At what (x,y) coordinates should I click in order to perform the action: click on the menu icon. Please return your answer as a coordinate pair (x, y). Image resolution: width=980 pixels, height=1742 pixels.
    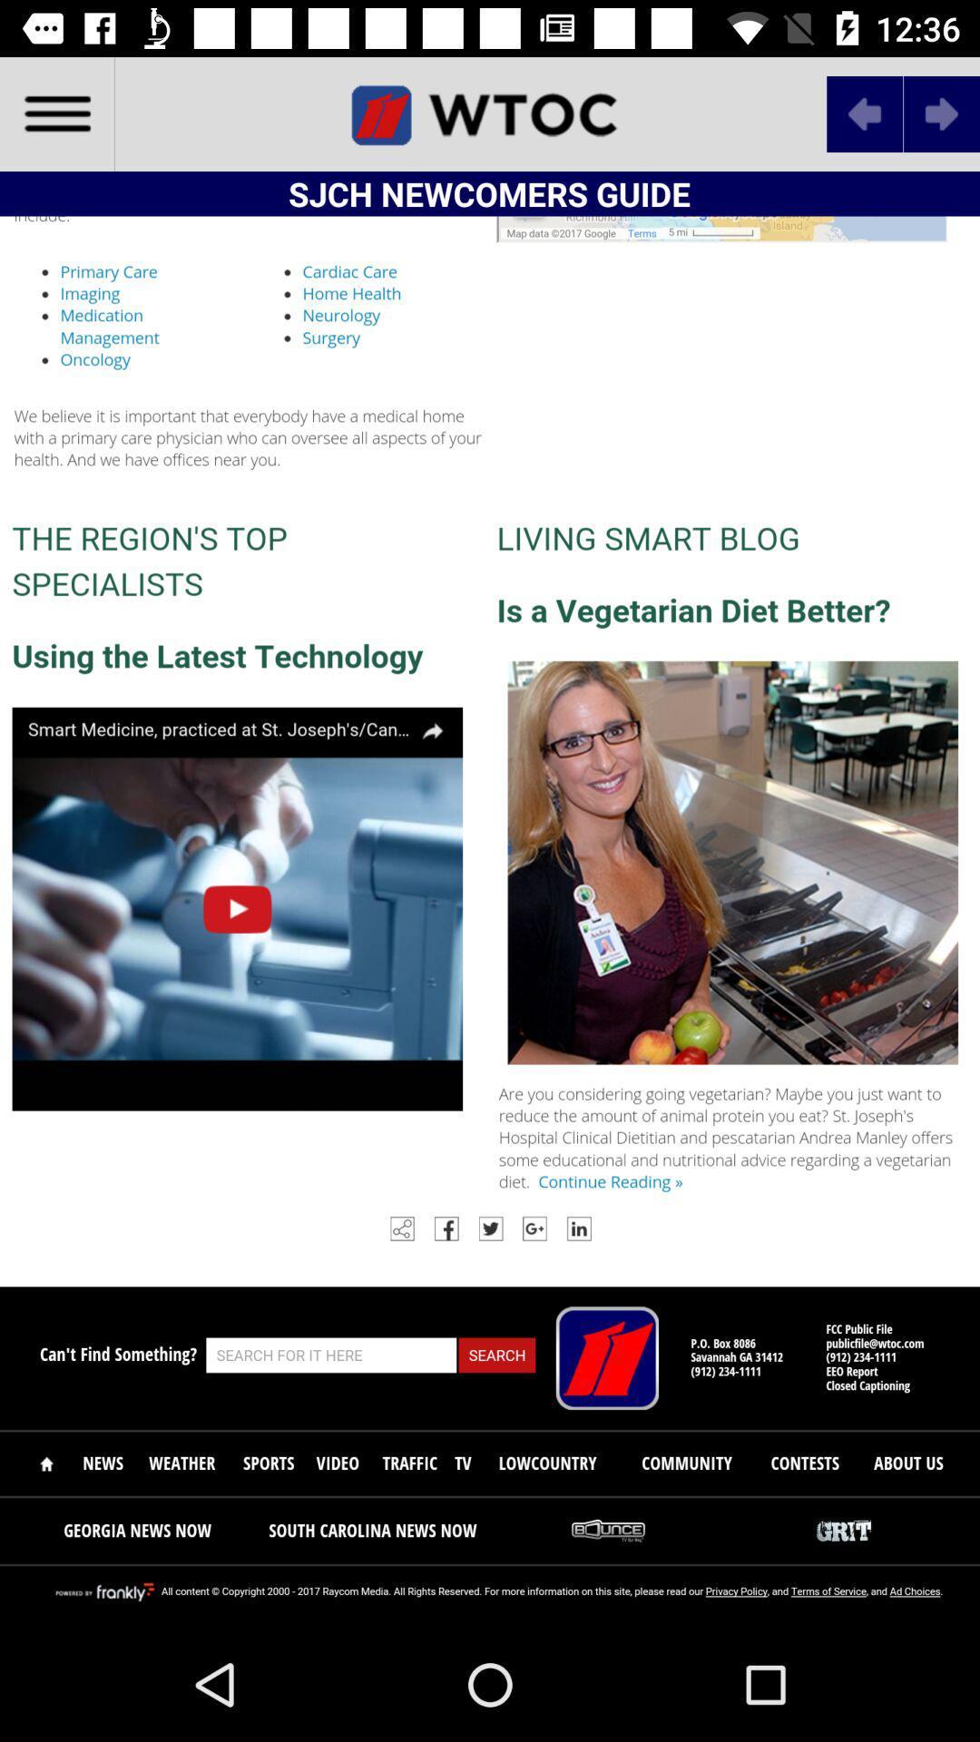
    Looking at the image, I should click on (55, 113).